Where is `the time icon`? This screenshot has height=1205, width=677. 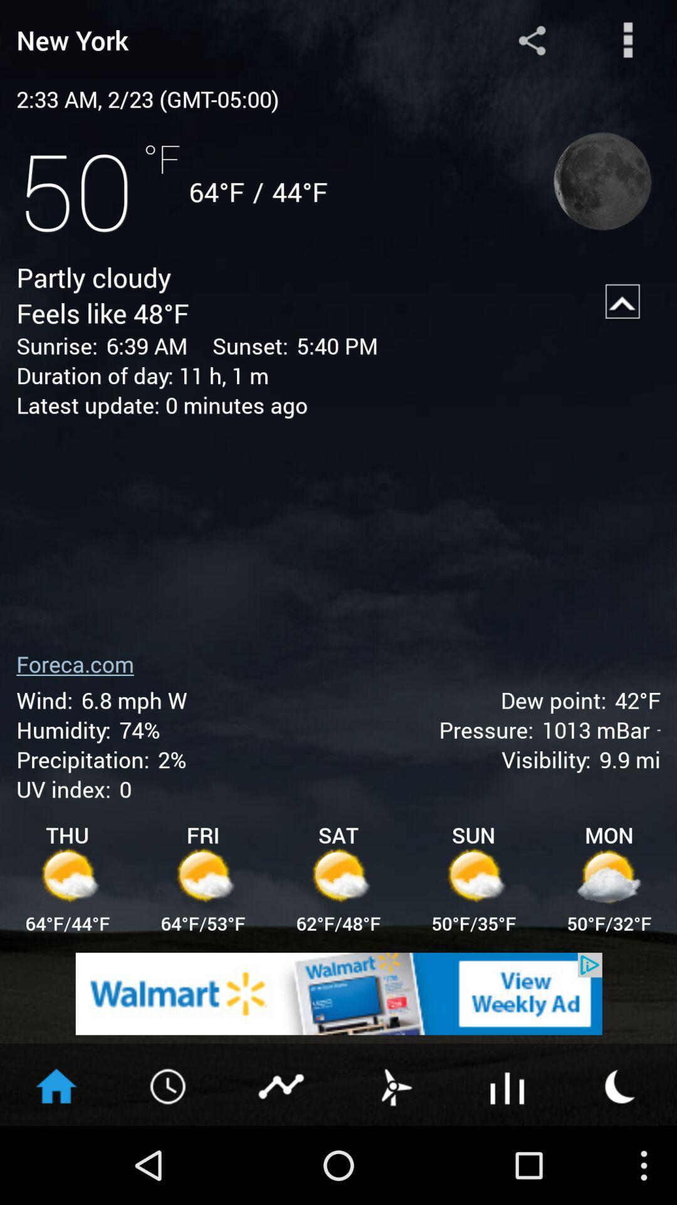 the time icon is located at coordinates (169, 1160).